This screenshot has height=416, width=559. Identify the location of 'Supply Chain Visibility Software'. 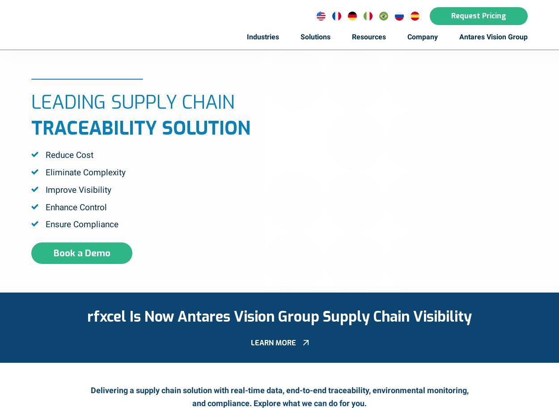
(305, 122).